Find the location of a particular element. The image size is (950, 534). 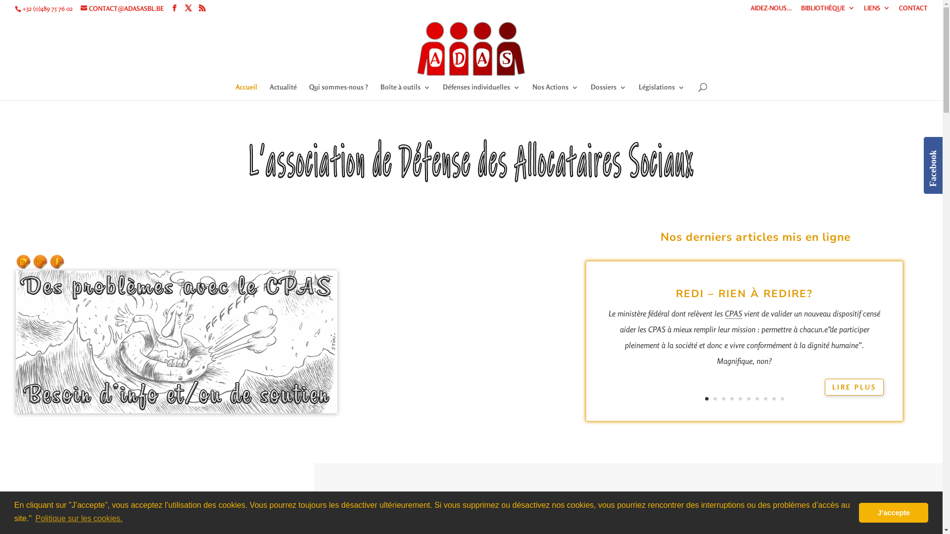

'Nos Actions' is located at coordinates (555, 91).